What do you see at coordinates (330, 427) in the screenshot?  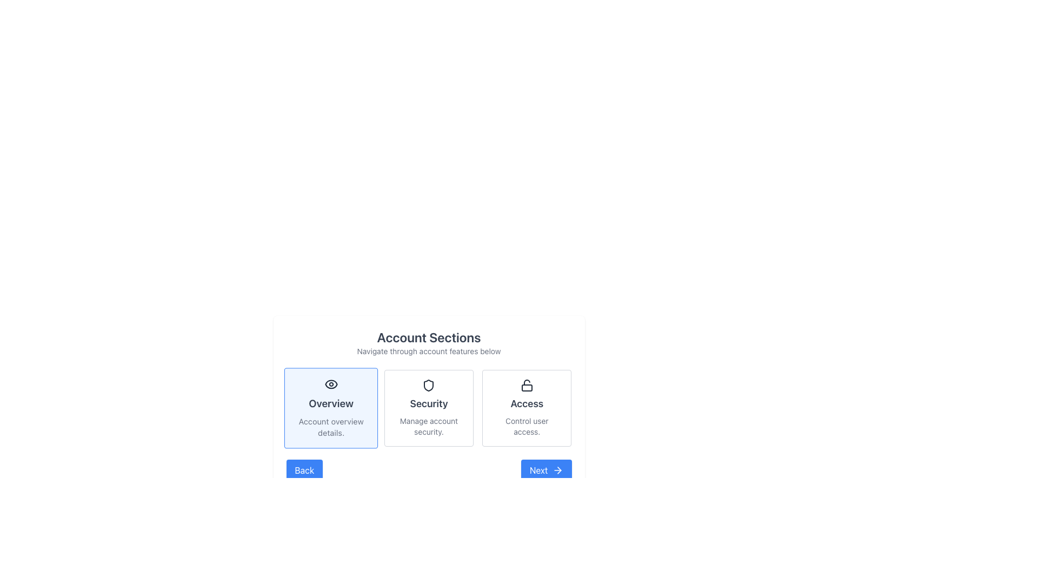 I see `the text display component that provides descriptive information about the 'Overview' section, located within the card-like structure beneath the 'Overview' title and eye icon` at bounding box center [330, 427].